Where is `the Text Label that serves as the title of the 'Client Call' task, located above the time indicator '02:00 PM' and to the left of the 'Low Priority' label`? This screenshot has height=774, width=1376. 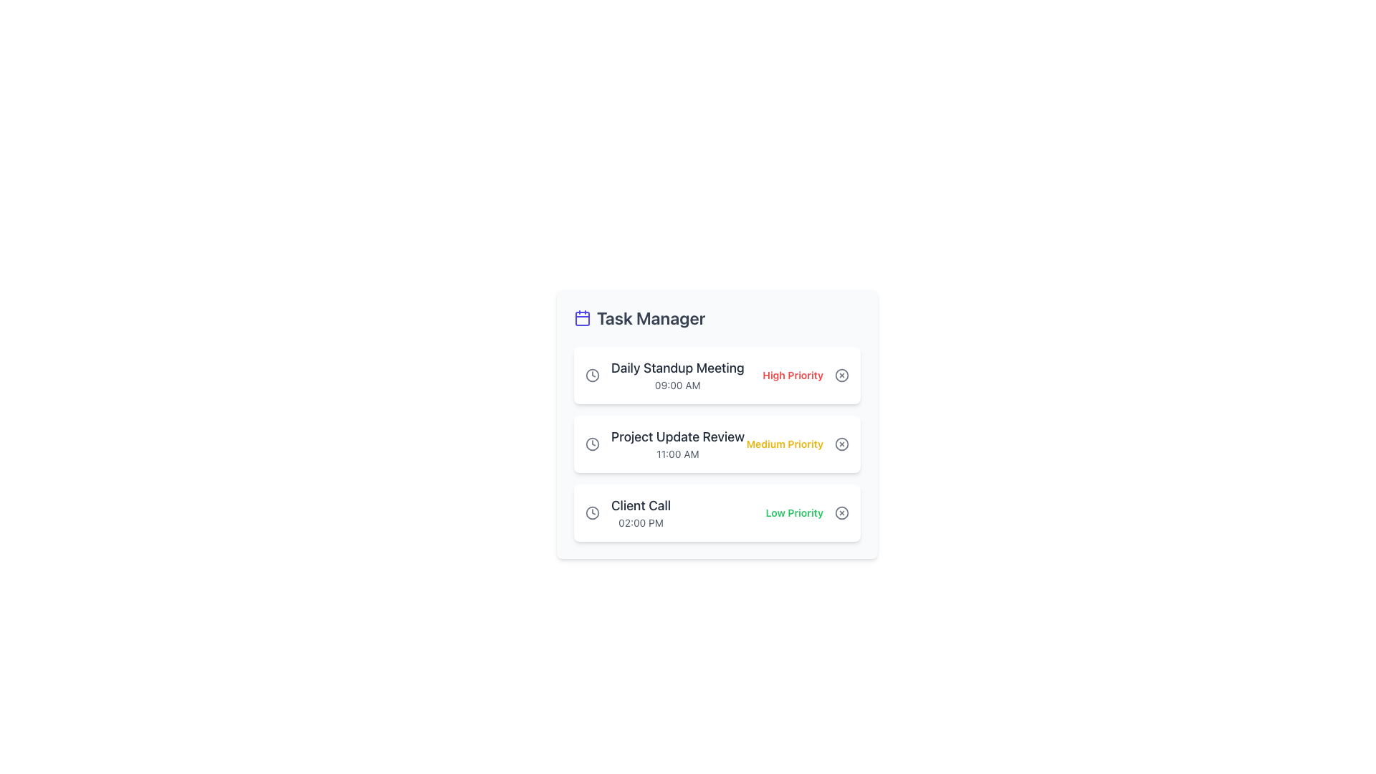 the Text Label that serves as the title of the 'Client Call' task, located above the time indicator '02:00 PM' and to the left of the 'Low Priority' label is located at coordinates (640, 505).